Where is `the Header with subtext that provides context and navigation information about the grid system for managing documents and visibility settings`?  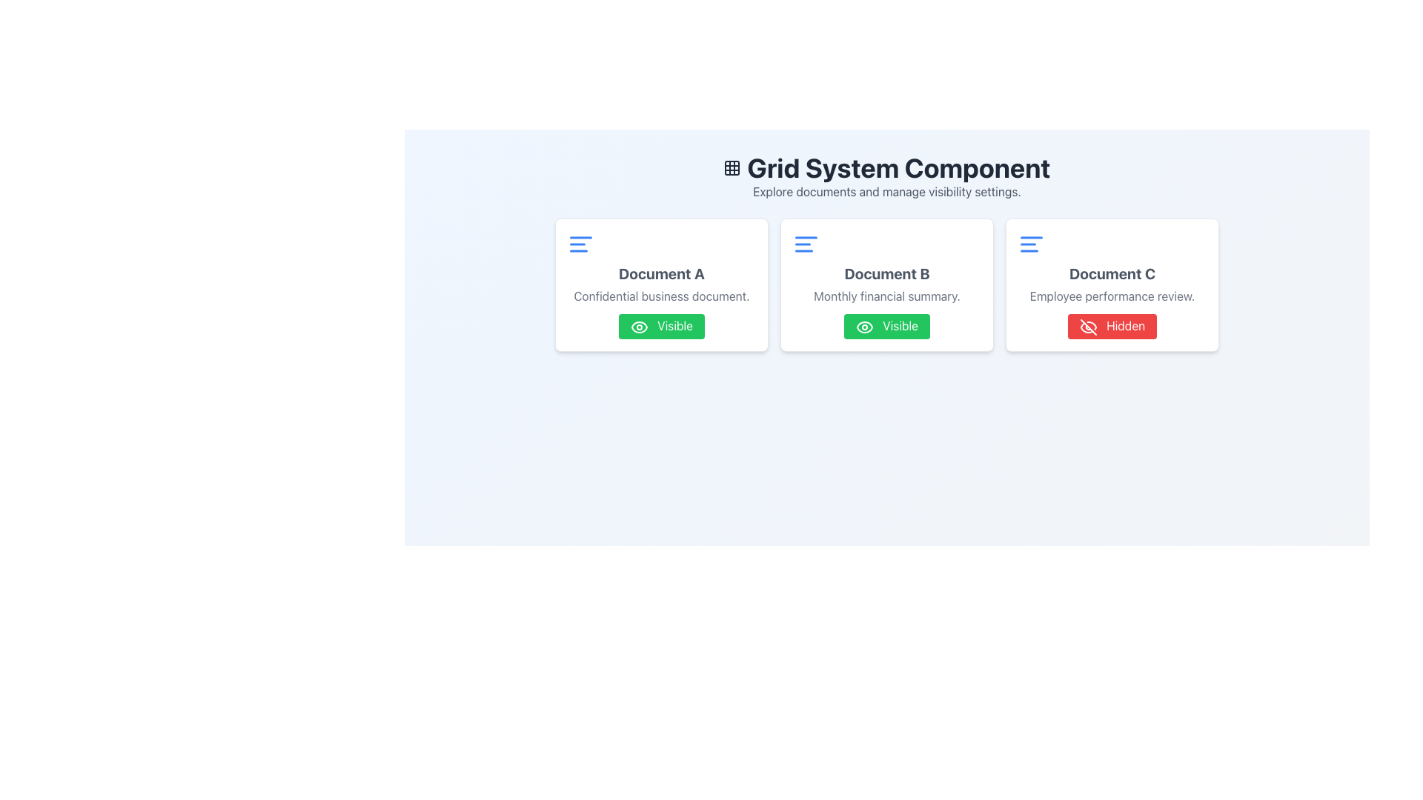 the Header with subtext that provides context and navigation information about the grid system for managing documents and visibility settings is located at coordinates (886, 176).